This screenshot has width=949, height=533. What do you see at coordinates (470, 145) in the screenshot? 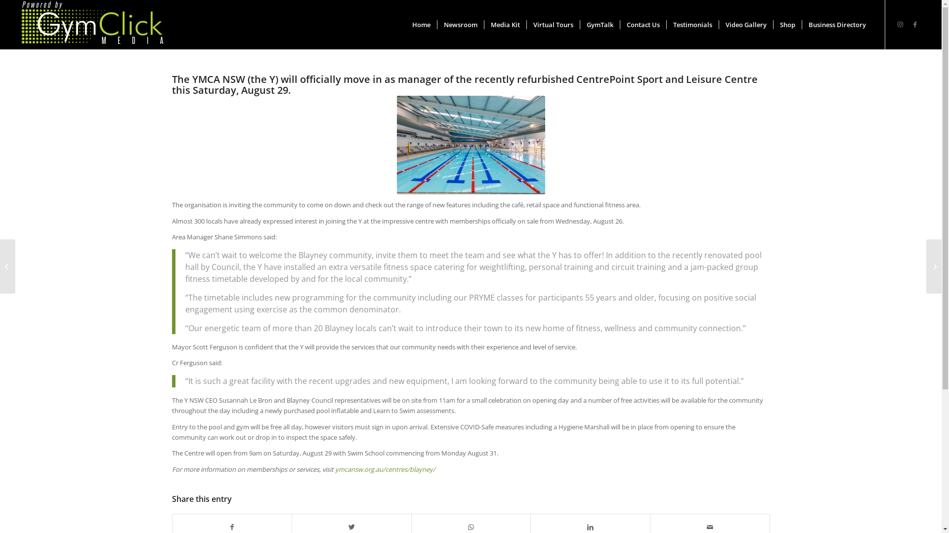
I see `'CentrePoint Sport and Leisure_Blayney'` at bounding box center [470, 145].